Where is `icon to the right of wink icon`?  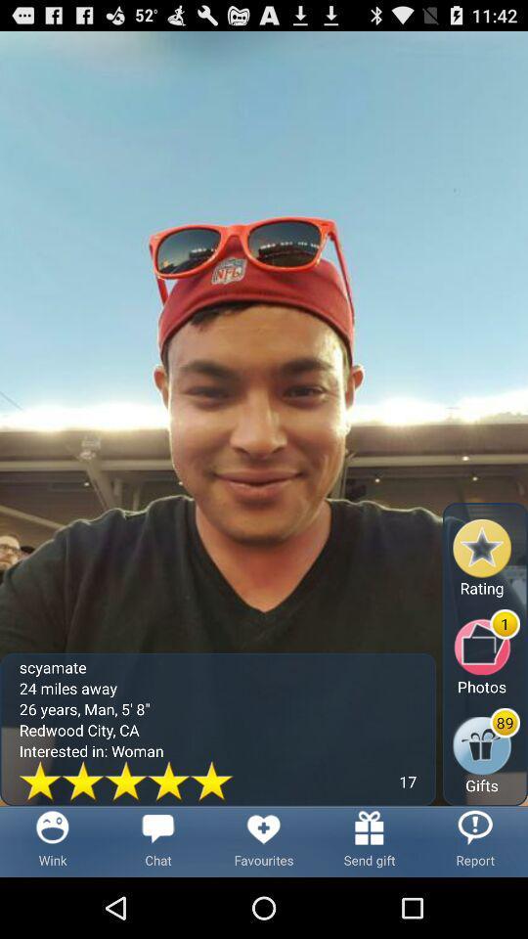
icon to the right of wink icon is located at coordinates (157, 840).